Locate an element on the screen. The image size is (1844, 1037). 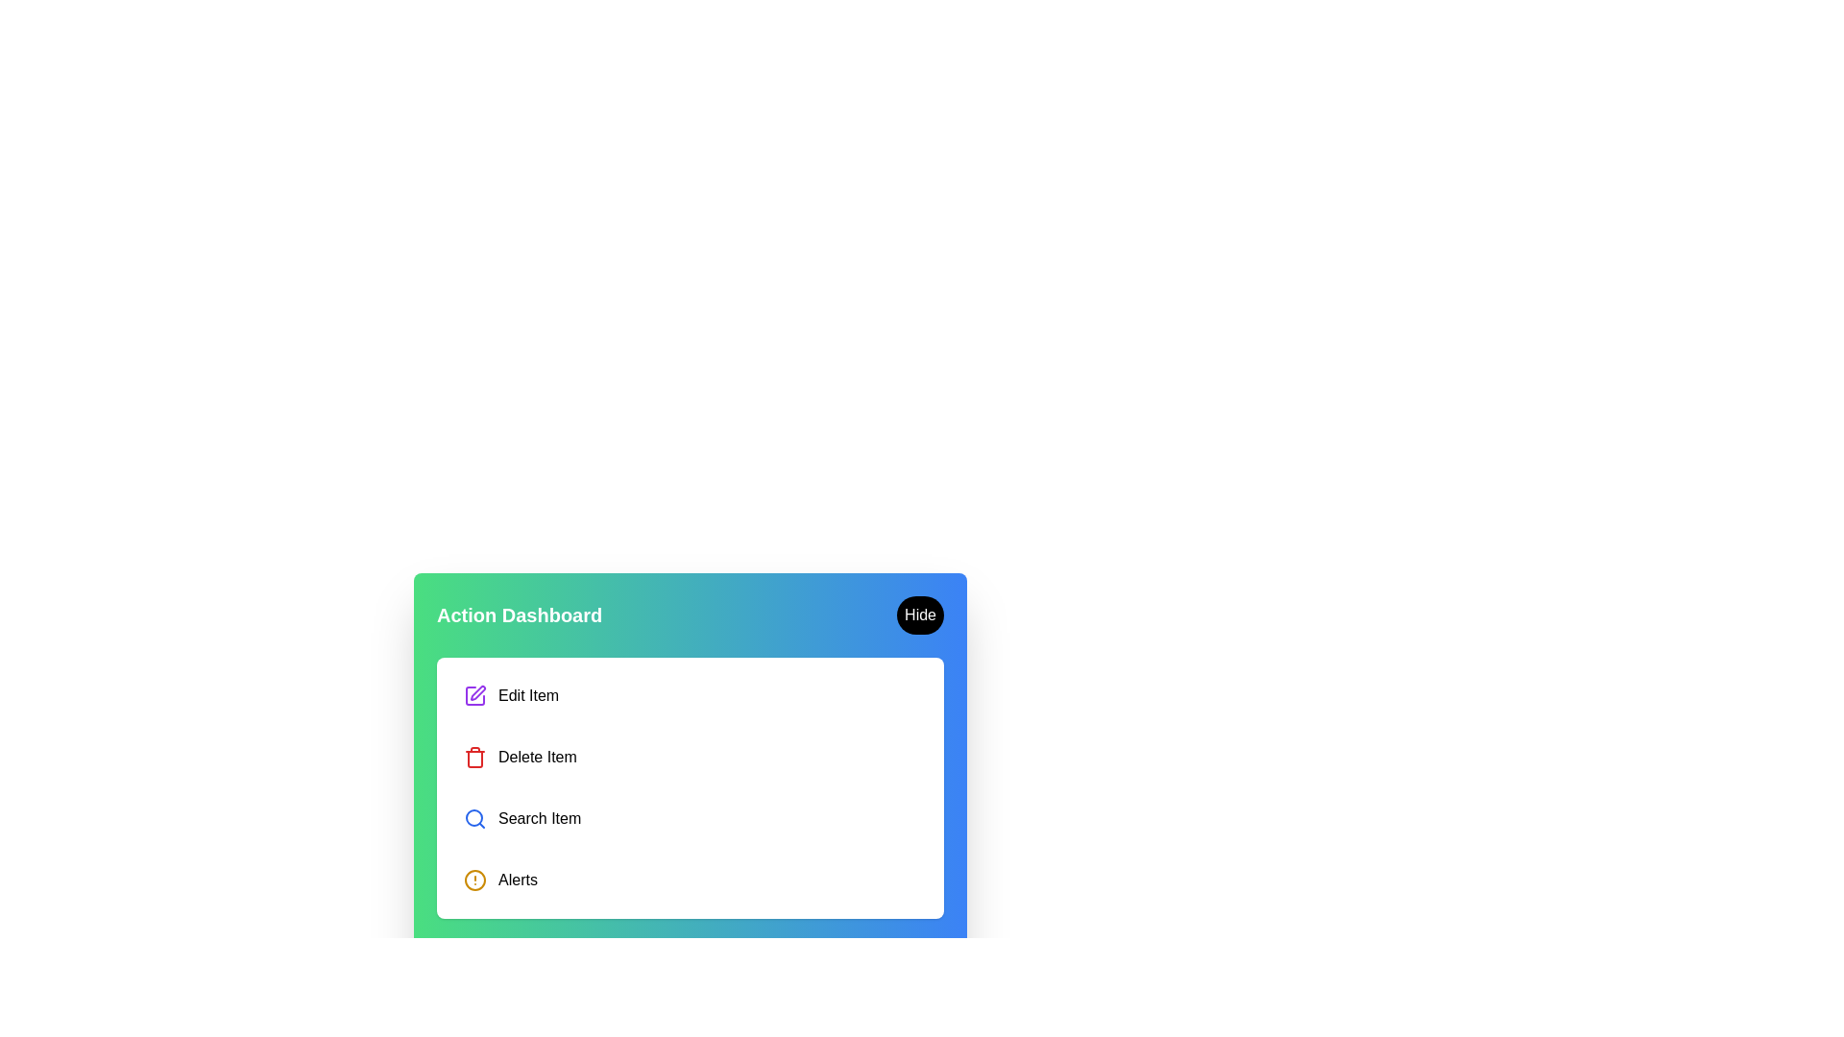
the 'Alerts' text label in the Action Dashboard dropdown menu is located at coordinates (518, 880).